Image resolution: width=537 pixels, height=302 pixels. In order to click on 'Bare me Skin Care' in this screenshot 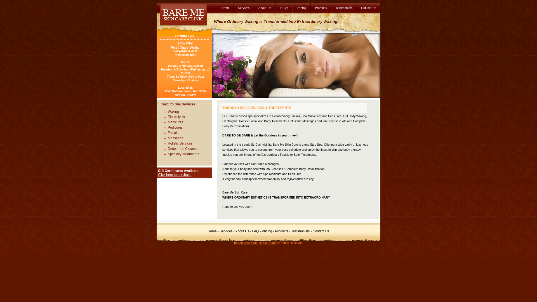, I will do `click(263, 242)`.